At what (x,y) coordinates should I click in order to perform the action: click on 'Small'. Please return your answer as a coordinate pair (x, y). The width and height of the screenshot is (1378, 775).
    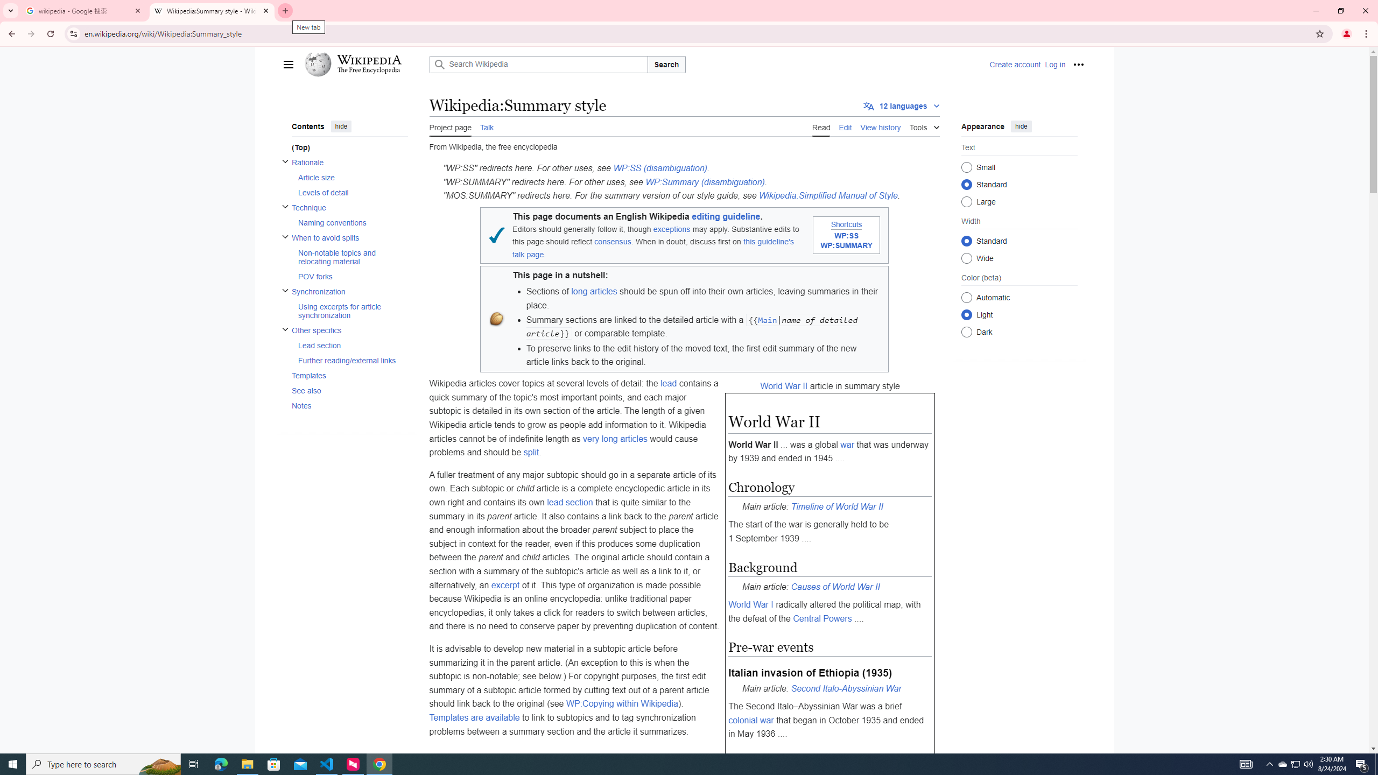
    Looking at the image, I should click on (965, 167).